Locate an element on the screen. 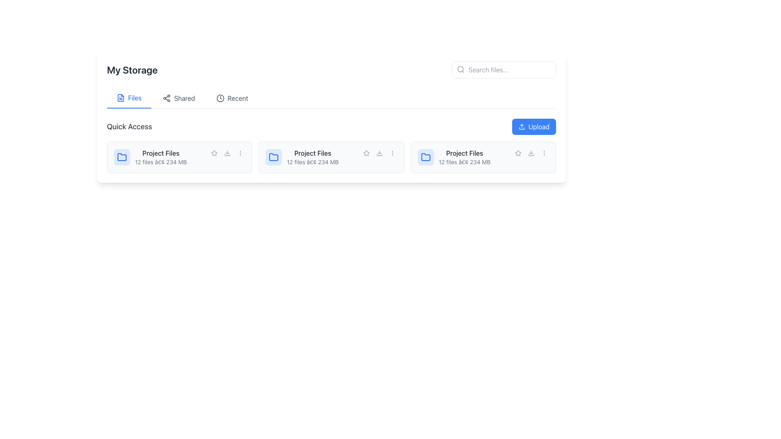 The image size is (781, 439). the text label displaying the number of files (12) and total size (234 MB) beneath the 'Project Files' text in the third folder item from the left in the Quick Access section is located at coordinates (465, 162).